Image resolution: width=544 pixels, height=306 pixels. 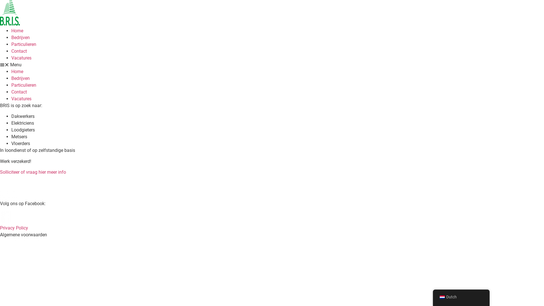 What do you see at coordinates (0, 217) in the screenshot?
I see `'facebook-app-logo-wit'` at bounding box center [0, 217].